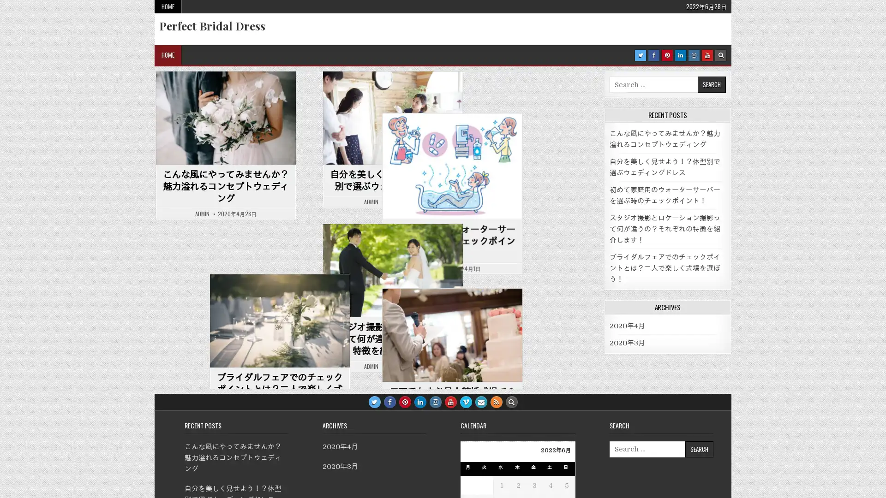  What do you see at coordinates (711, 84) in the screenshot?
I see `Search` at bounding box center [711, 84].